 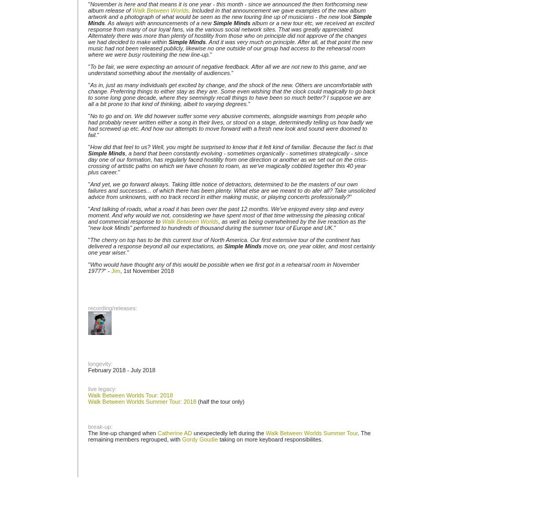 What do you see at coordinates (227, 225) in the screenshot?
I see `', as well as being overwhelmed by
the live reaction as the "new look Minds" performed to hundreds of thousand during the summer tour of Europe and UK.'` at bounding box center [227, 225].